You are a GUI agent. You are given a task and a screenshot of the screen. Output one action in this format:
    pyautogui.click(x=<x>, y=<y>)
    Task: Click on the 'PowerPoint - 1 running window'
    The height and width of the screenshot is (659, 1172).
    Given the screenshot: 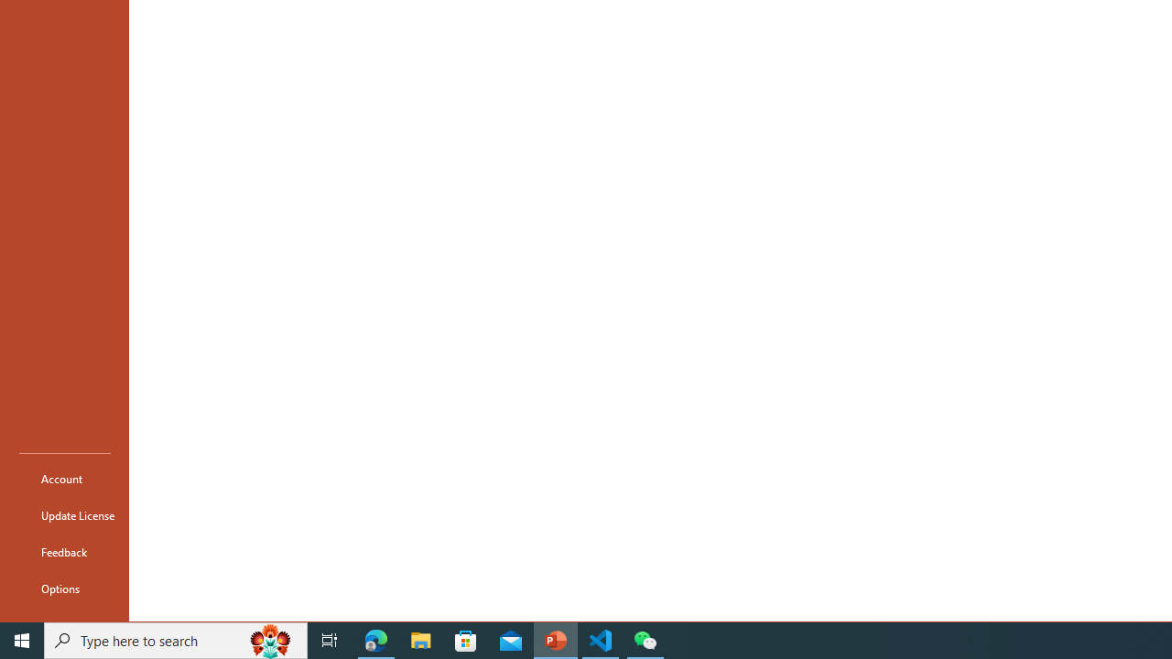 What is the action you would take?
    pyautogui.click(x=555, y=639)
    